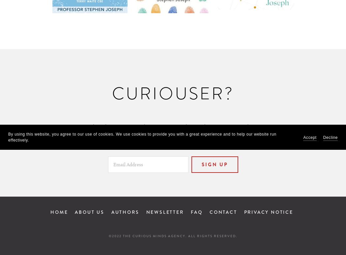  Describe the element at coordinates (309, 137) in the screenshot. I see `'Accept'` at that location.